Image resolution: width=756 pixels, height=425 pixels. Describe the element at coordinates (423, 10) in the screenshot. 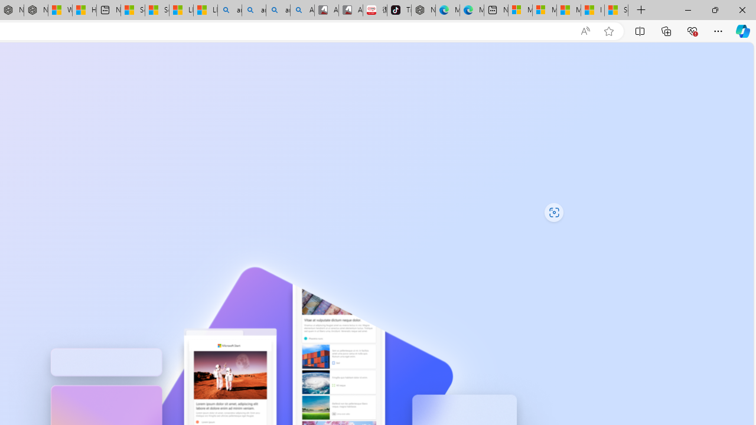

I see `'Nordace - Best Sellers'` at that location.